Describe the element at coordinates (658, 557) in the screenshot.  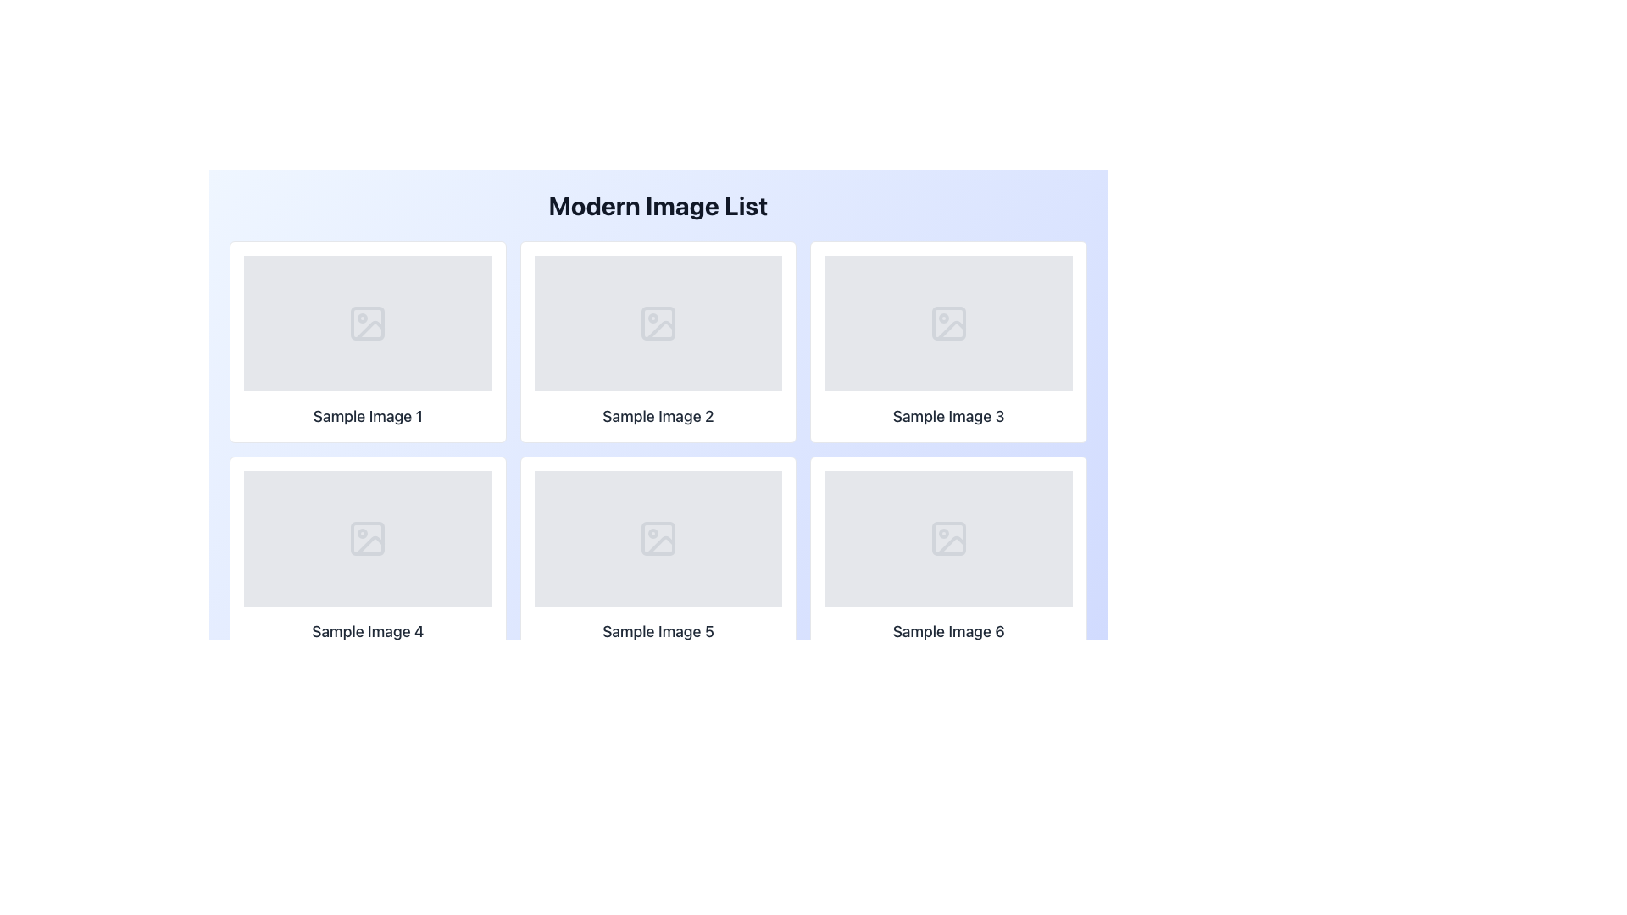
I see `the interactive image card located in the second row and second column of the grid layout` at that location.